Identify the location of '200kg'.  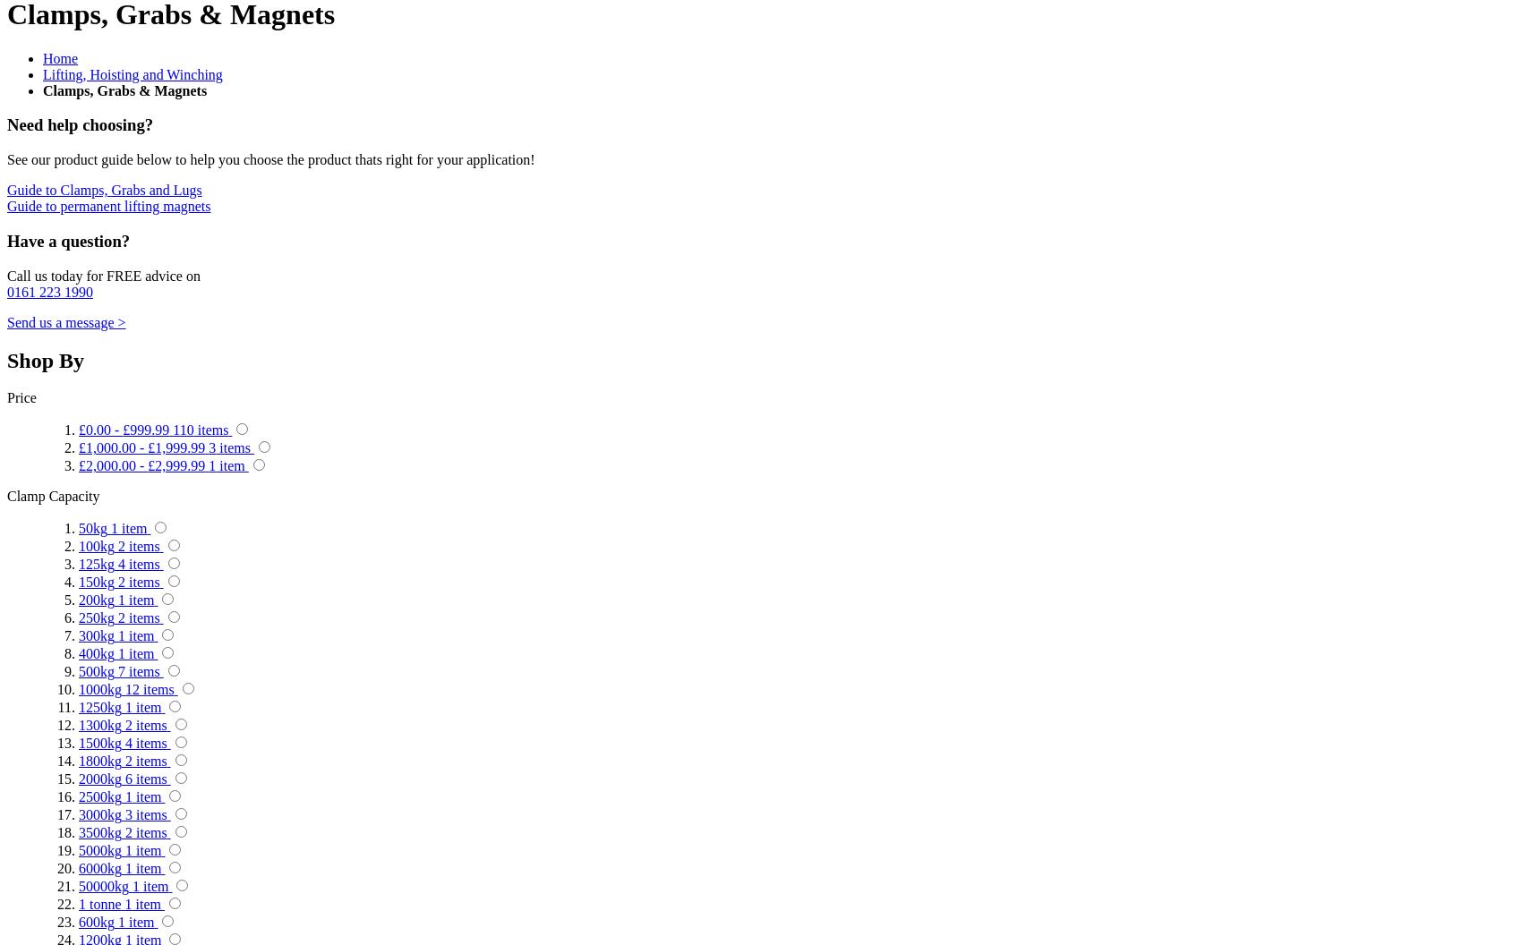
(95, 600).